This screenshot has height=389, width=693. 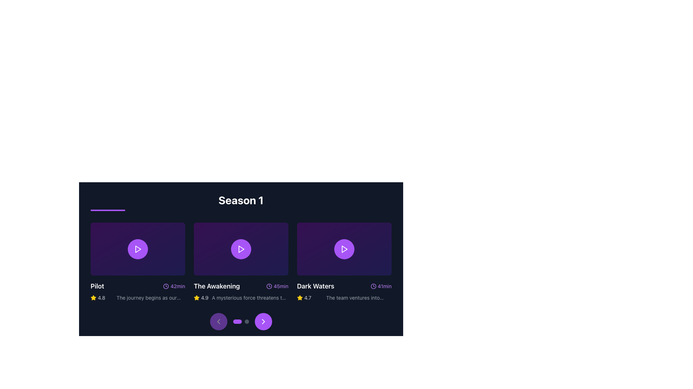 I want to click on the text label displaying '4.9', which is styled in gray and indicates a rating next to a yellow star icon, part of the information panel for 'The Awakening' item, so click(x=204, y=298).